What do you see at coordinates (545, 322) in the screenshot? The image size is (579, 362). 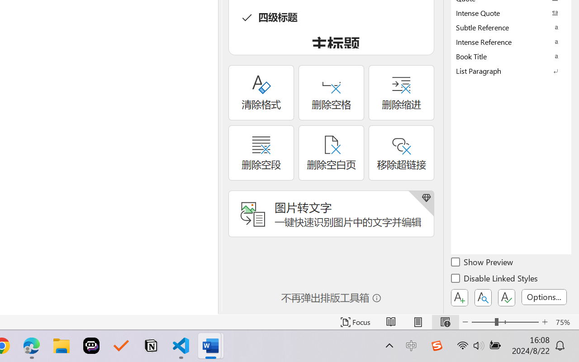 I see `'Zoom In'` at bounding box center [545, 322].